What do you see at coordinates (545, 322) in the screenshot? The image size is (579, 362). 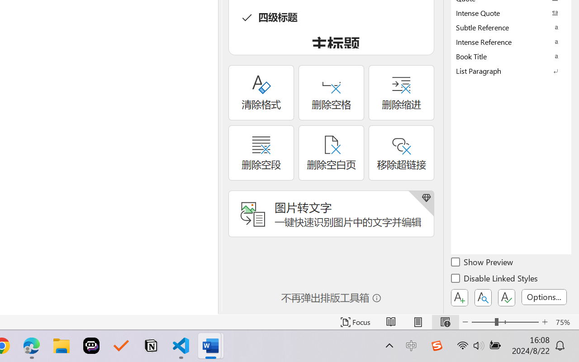 I see `'Zoom In'` at bounding box center [545, 322].